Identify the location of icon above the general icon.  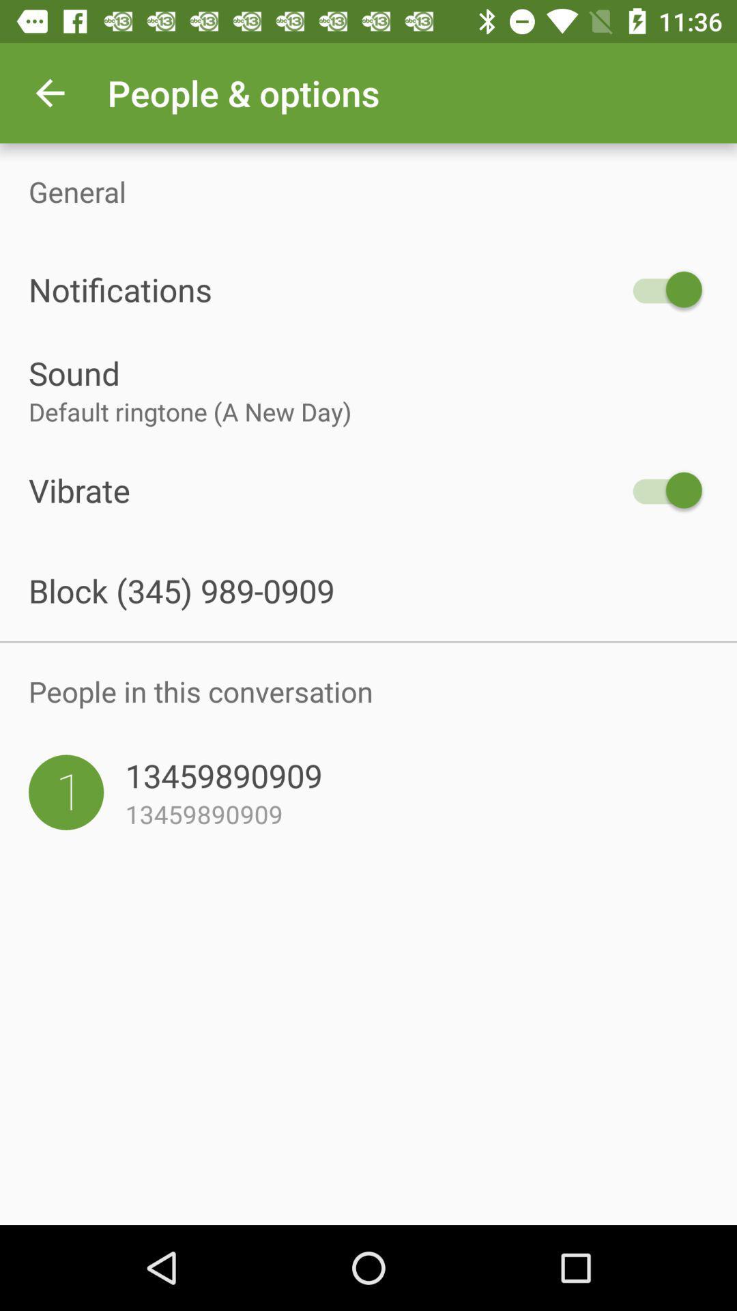
(49, 92).